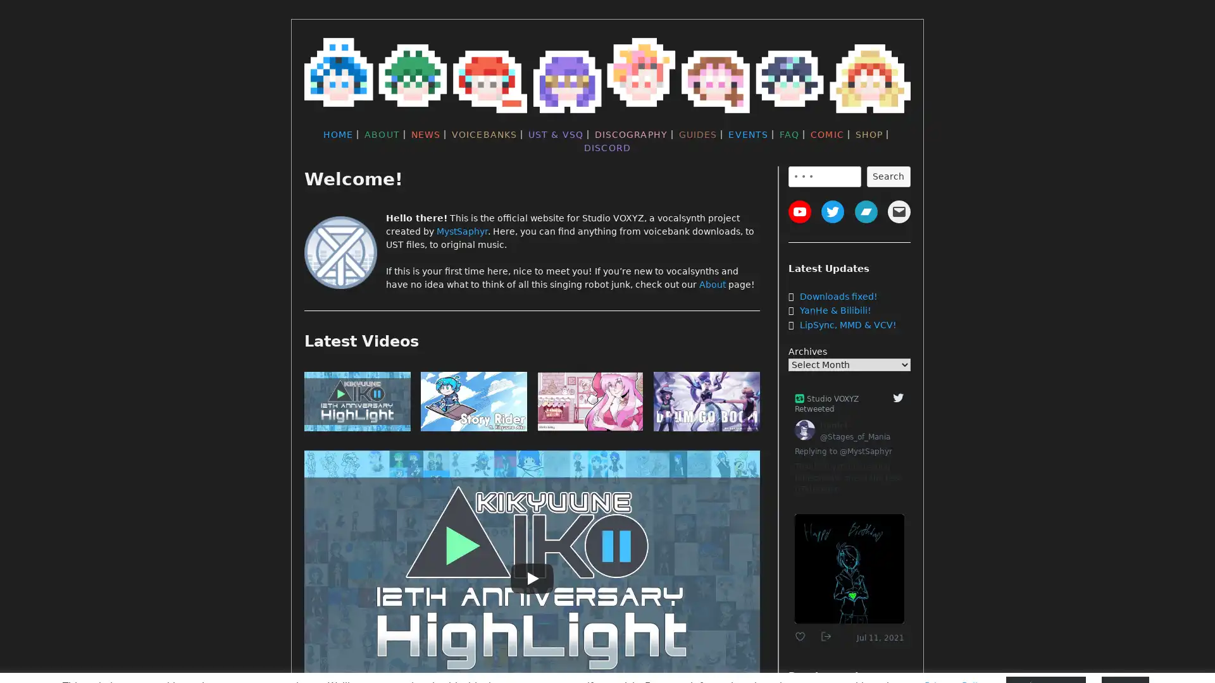 This screenshot has width=1215, height=683. What do you see at coordinates (532, 578) in the screenshot?
I see `Play` at bounding box center [532, 578].